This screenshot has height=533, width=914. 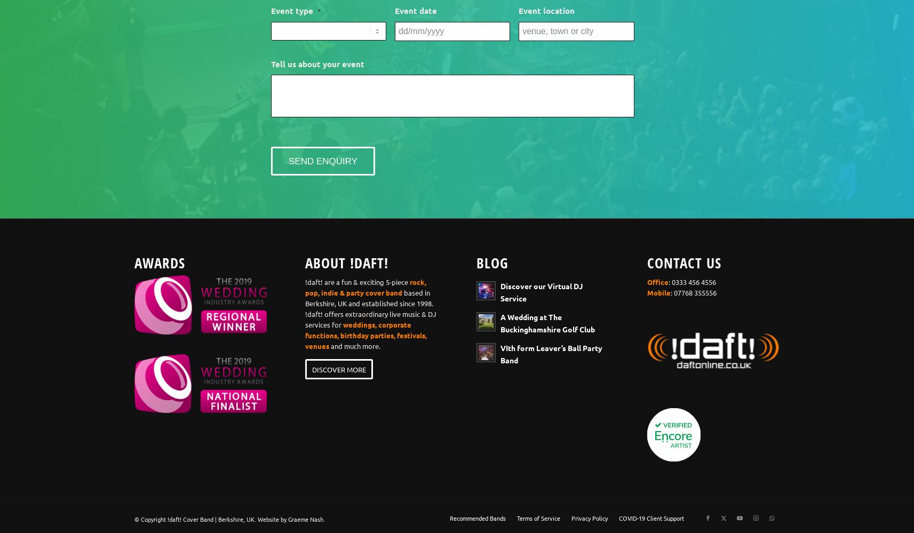 What do you see at coordinates (491, 262) in the screenshot?
I see `'BLOG'` at bounding box center [491, 262].